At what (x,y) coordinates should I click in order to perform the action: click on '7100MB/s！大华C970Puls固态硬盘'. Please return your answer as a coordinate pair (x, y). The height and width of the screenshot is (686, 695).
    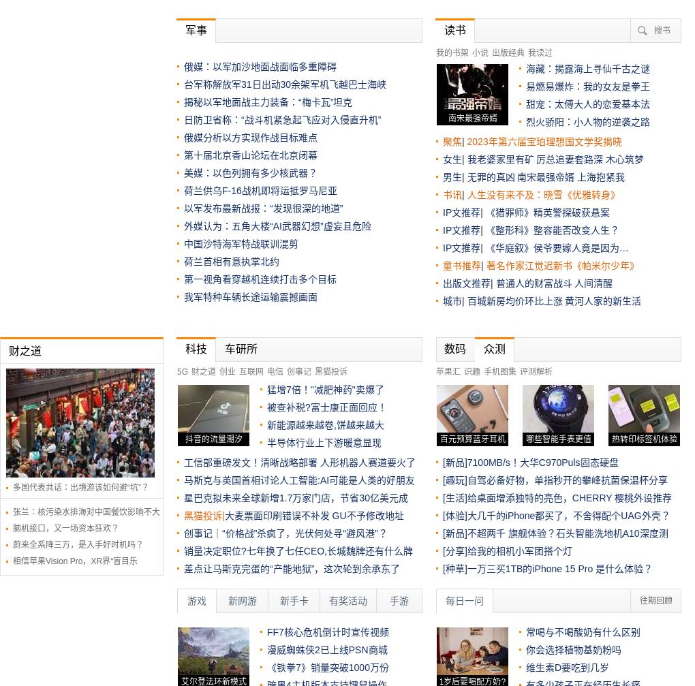
    Looking at the image, I should click on (542, 462).